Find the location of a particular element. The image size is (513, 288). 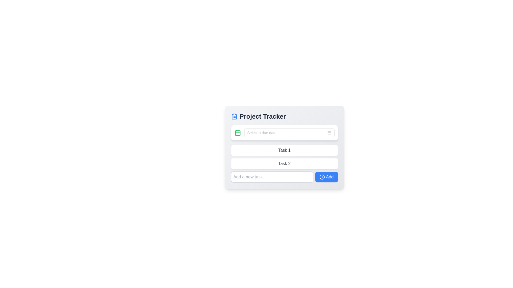

the 'Add' button with a blue background and a plus icon is located at coordinates (326, 177).